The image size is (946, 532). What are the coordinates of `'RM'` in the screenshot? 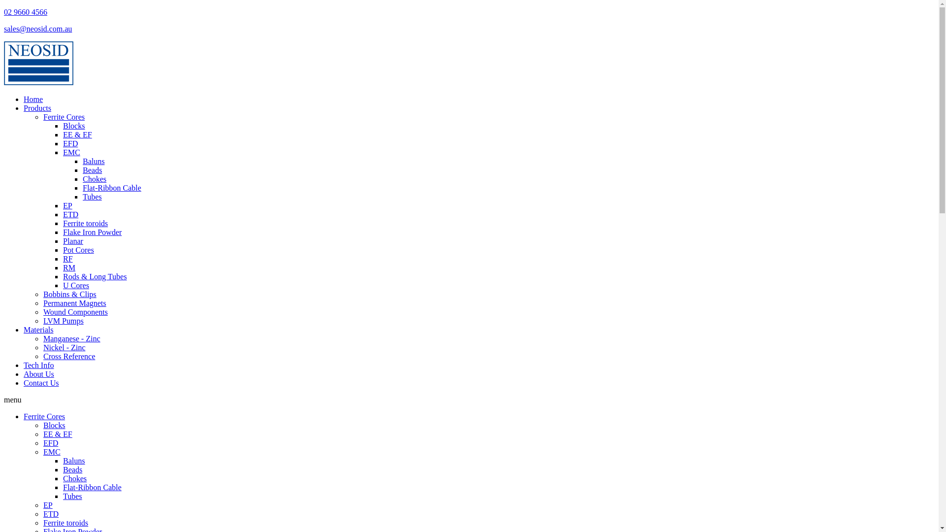 It's located at (68, 267).